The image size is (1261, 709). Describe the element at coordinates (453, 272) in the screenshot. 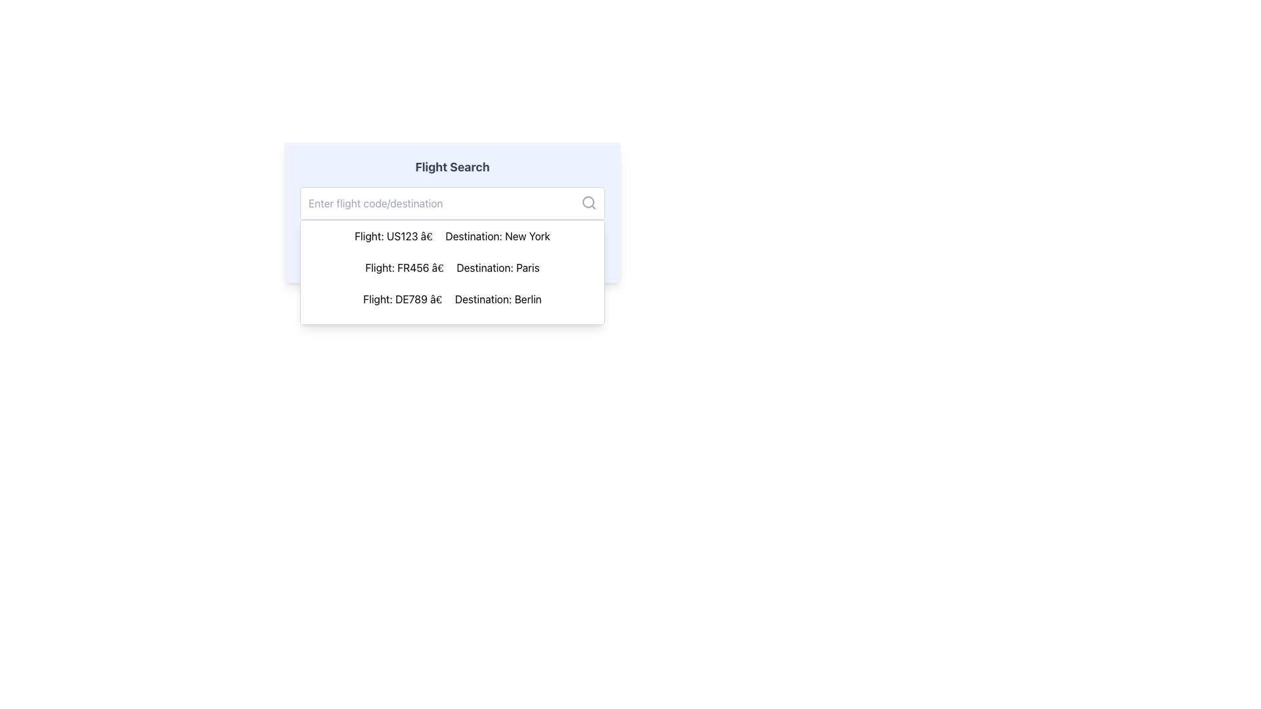

I see `an item in the dropdown menu styled with a white background and gray borders, located under the 'Enter flight code/destination' search input field` at that location.